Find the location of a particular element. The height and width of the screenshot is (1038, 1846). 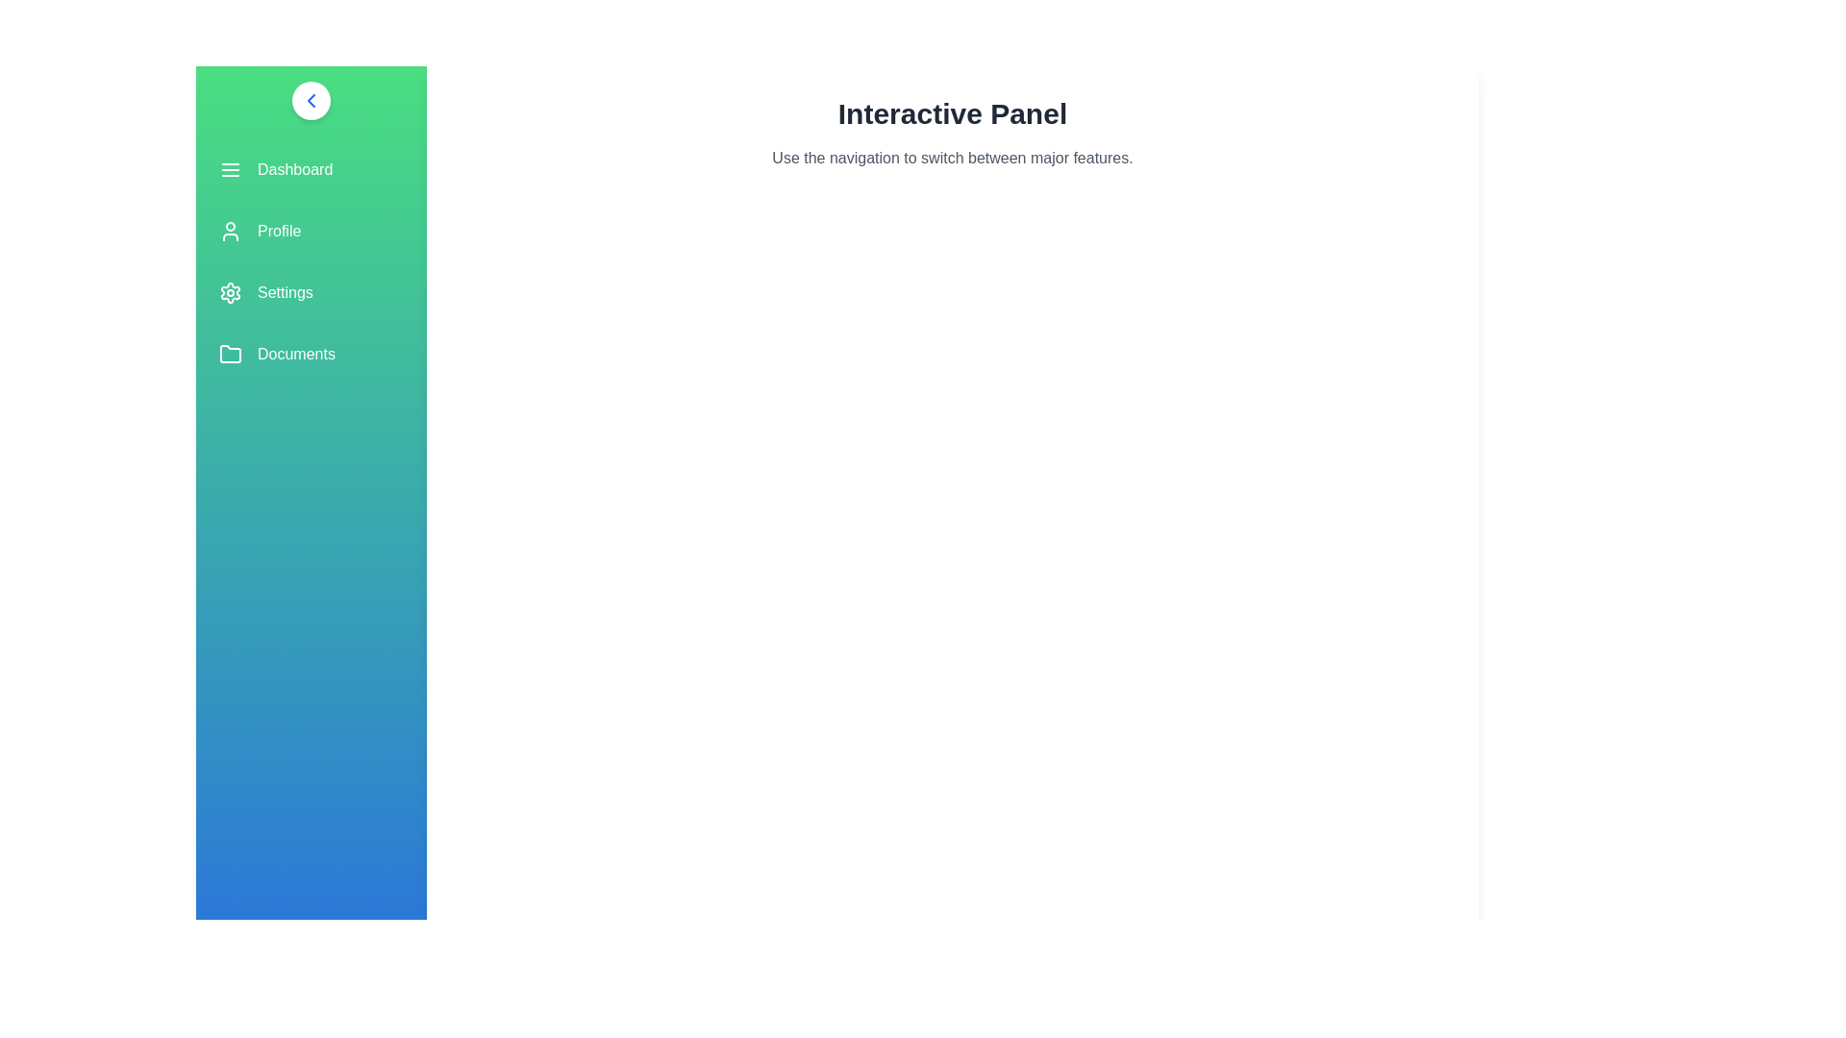

the 'Profile' menu item in the navigation panel is located at coordinates (312, 230).